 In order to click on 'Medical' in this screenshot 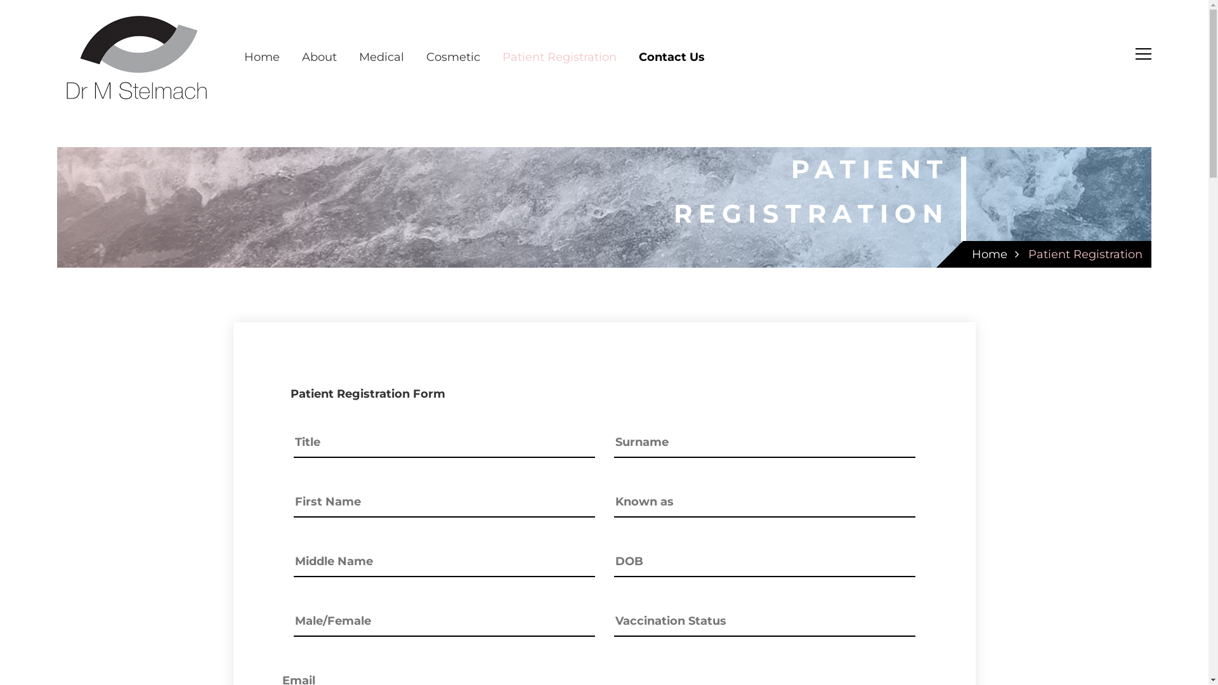, I will do `click(381, 56)`.